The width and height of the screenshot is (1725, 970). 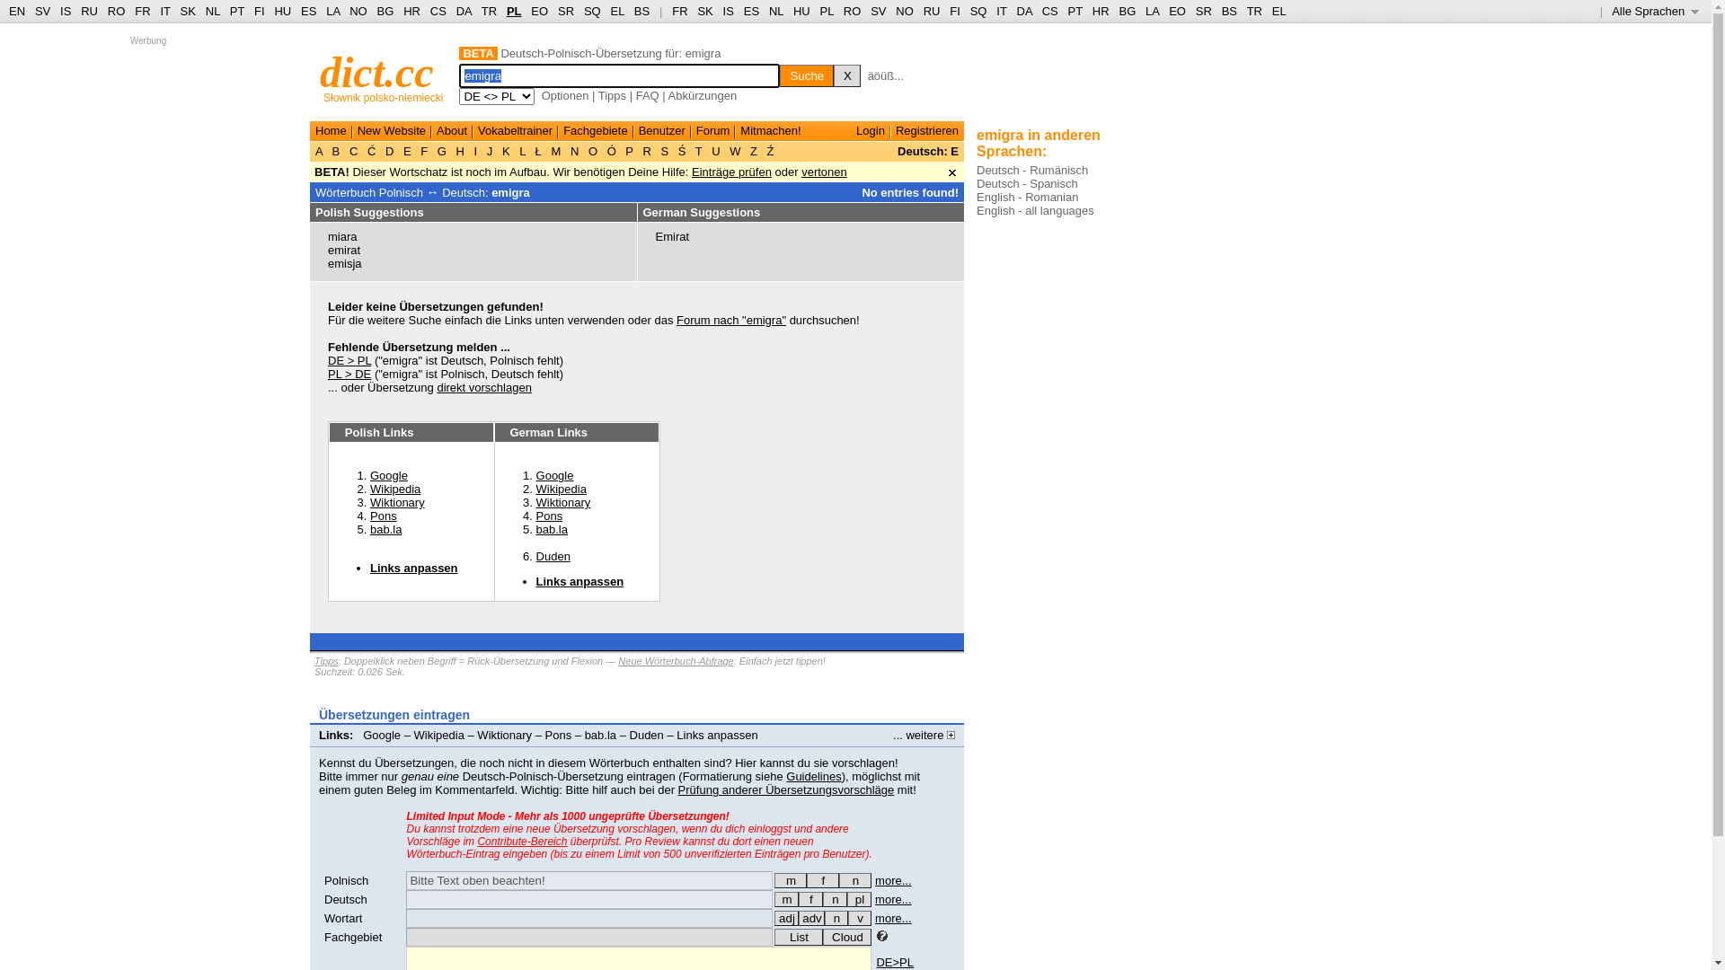 What do you see at coordinates (654, 235) in the screenshot?
I see `'Emirat'` at bounding box center [654, 235].